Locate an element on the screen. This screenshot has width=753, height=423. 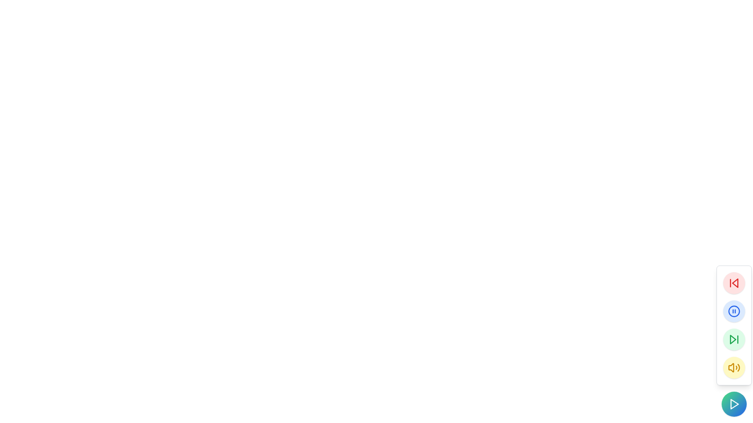
the pause button located centrally in the vertical stack, third from the top, between the red skip-back button and the green skip-forward button is located at coordinates (734, 311).